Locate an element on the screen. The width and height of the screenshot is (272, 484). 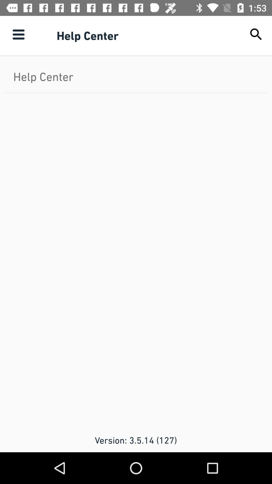
item at the top right corner is located at coordinates (256, 34).